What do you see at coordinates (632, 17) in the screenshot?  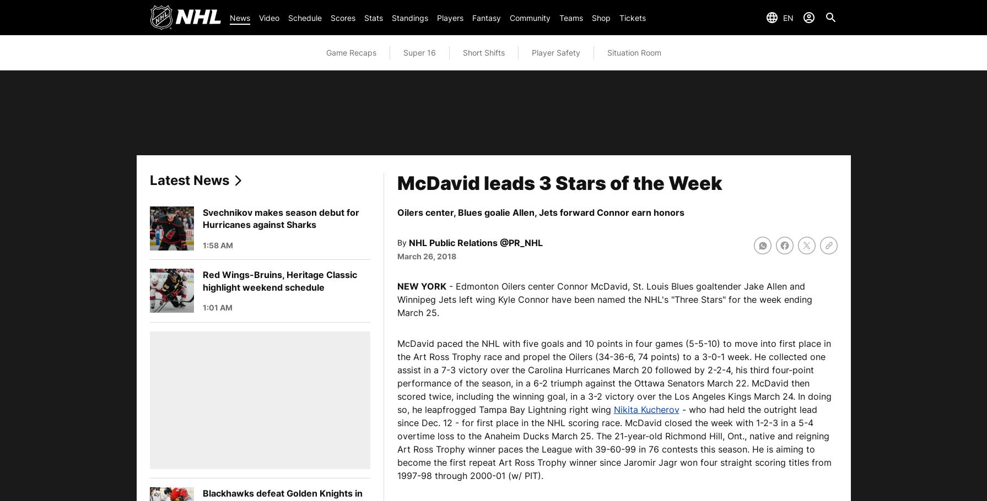 I see `'Tickets'` at bounding box center [632, 17].